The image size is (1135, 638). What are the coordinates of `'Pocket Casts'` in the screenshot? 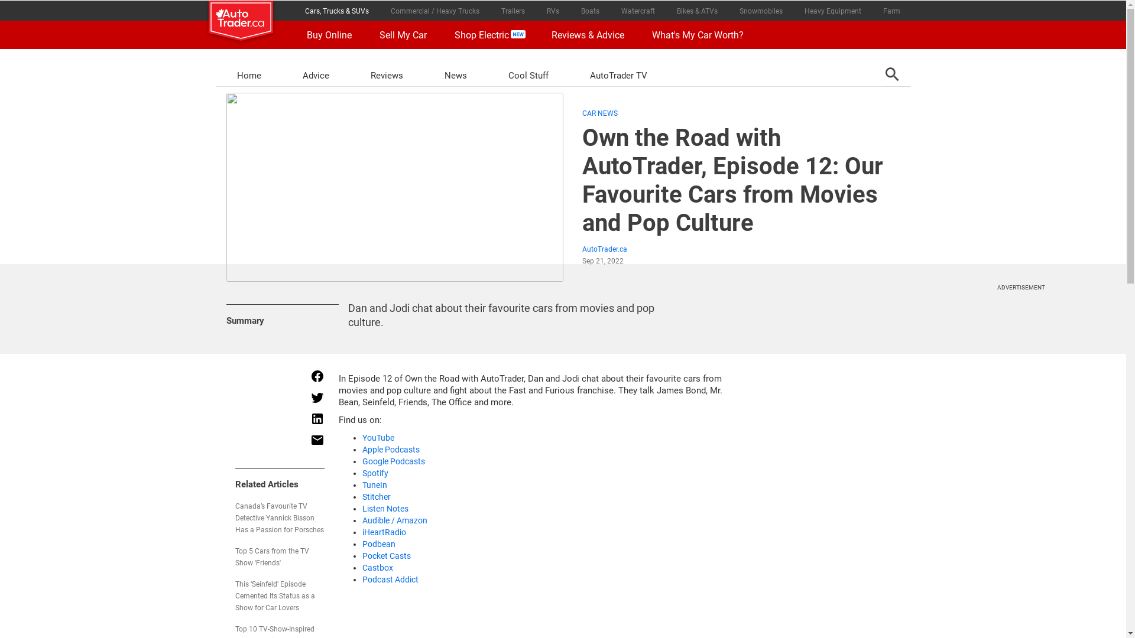 It's located at (385, 556).